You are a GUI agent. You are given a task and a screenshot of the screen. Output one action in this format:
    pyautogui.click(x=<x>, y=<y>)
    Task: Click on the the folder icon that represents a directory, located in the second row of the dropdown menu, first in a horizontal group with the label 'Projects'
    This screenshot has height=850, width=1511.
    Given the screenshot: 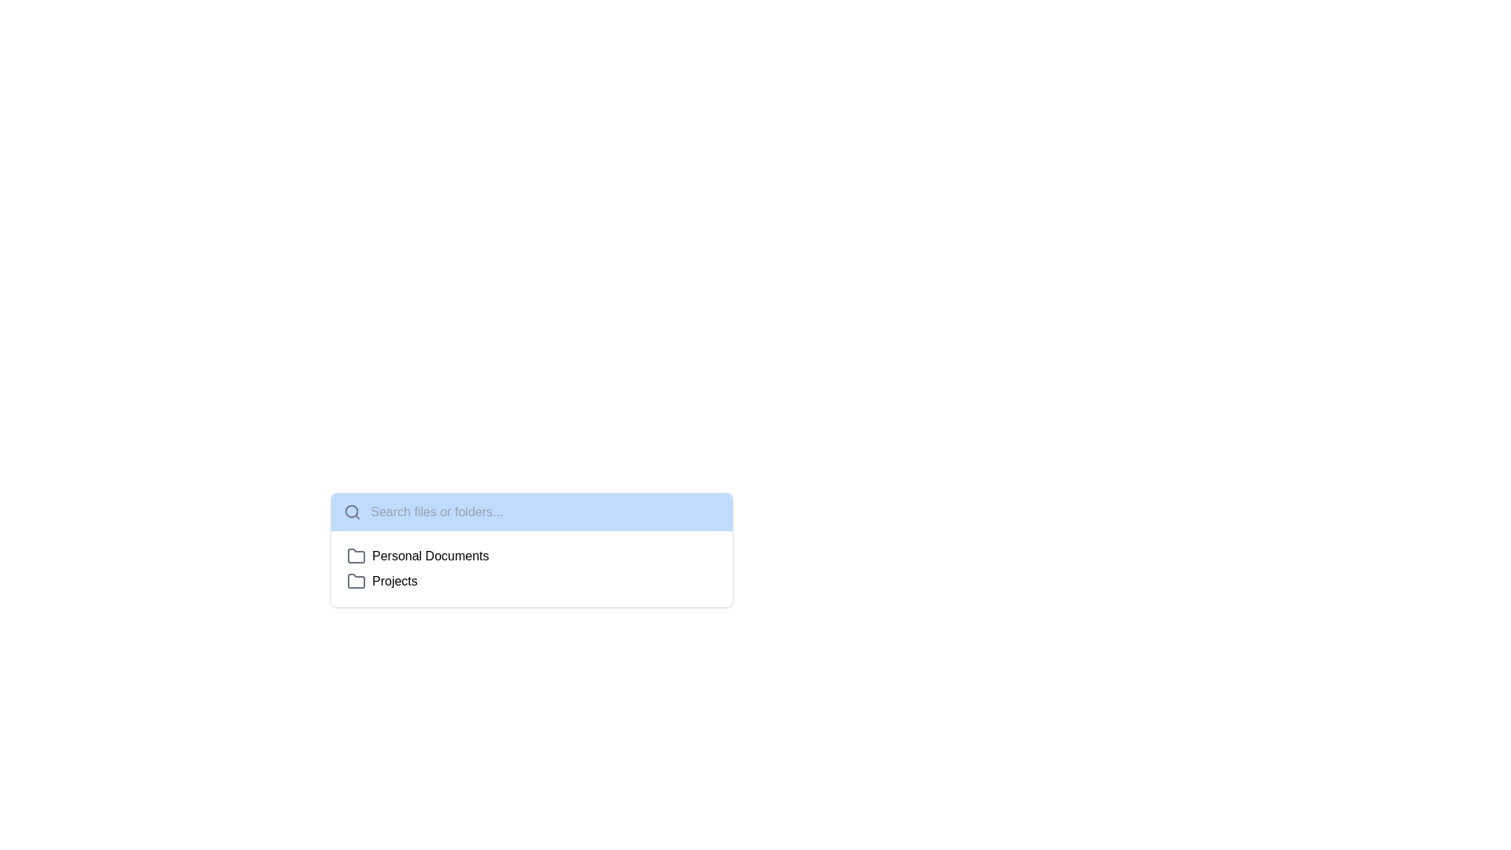 What is the action you would take?
    pyautogui.click(x=355, y=582)
    